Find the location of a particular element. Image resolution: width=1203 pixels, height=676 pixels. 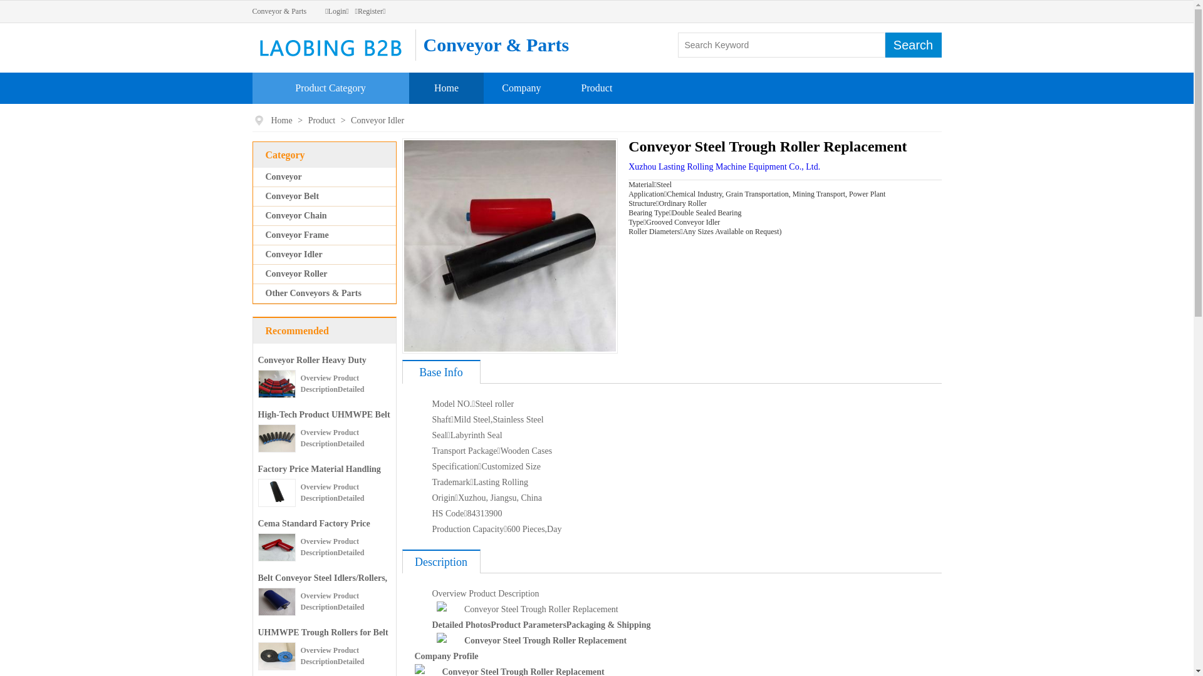

'Xuzhou Lasting Rolling Machine Equipment Co., Ltd.' is located at coordinates (724, 166).